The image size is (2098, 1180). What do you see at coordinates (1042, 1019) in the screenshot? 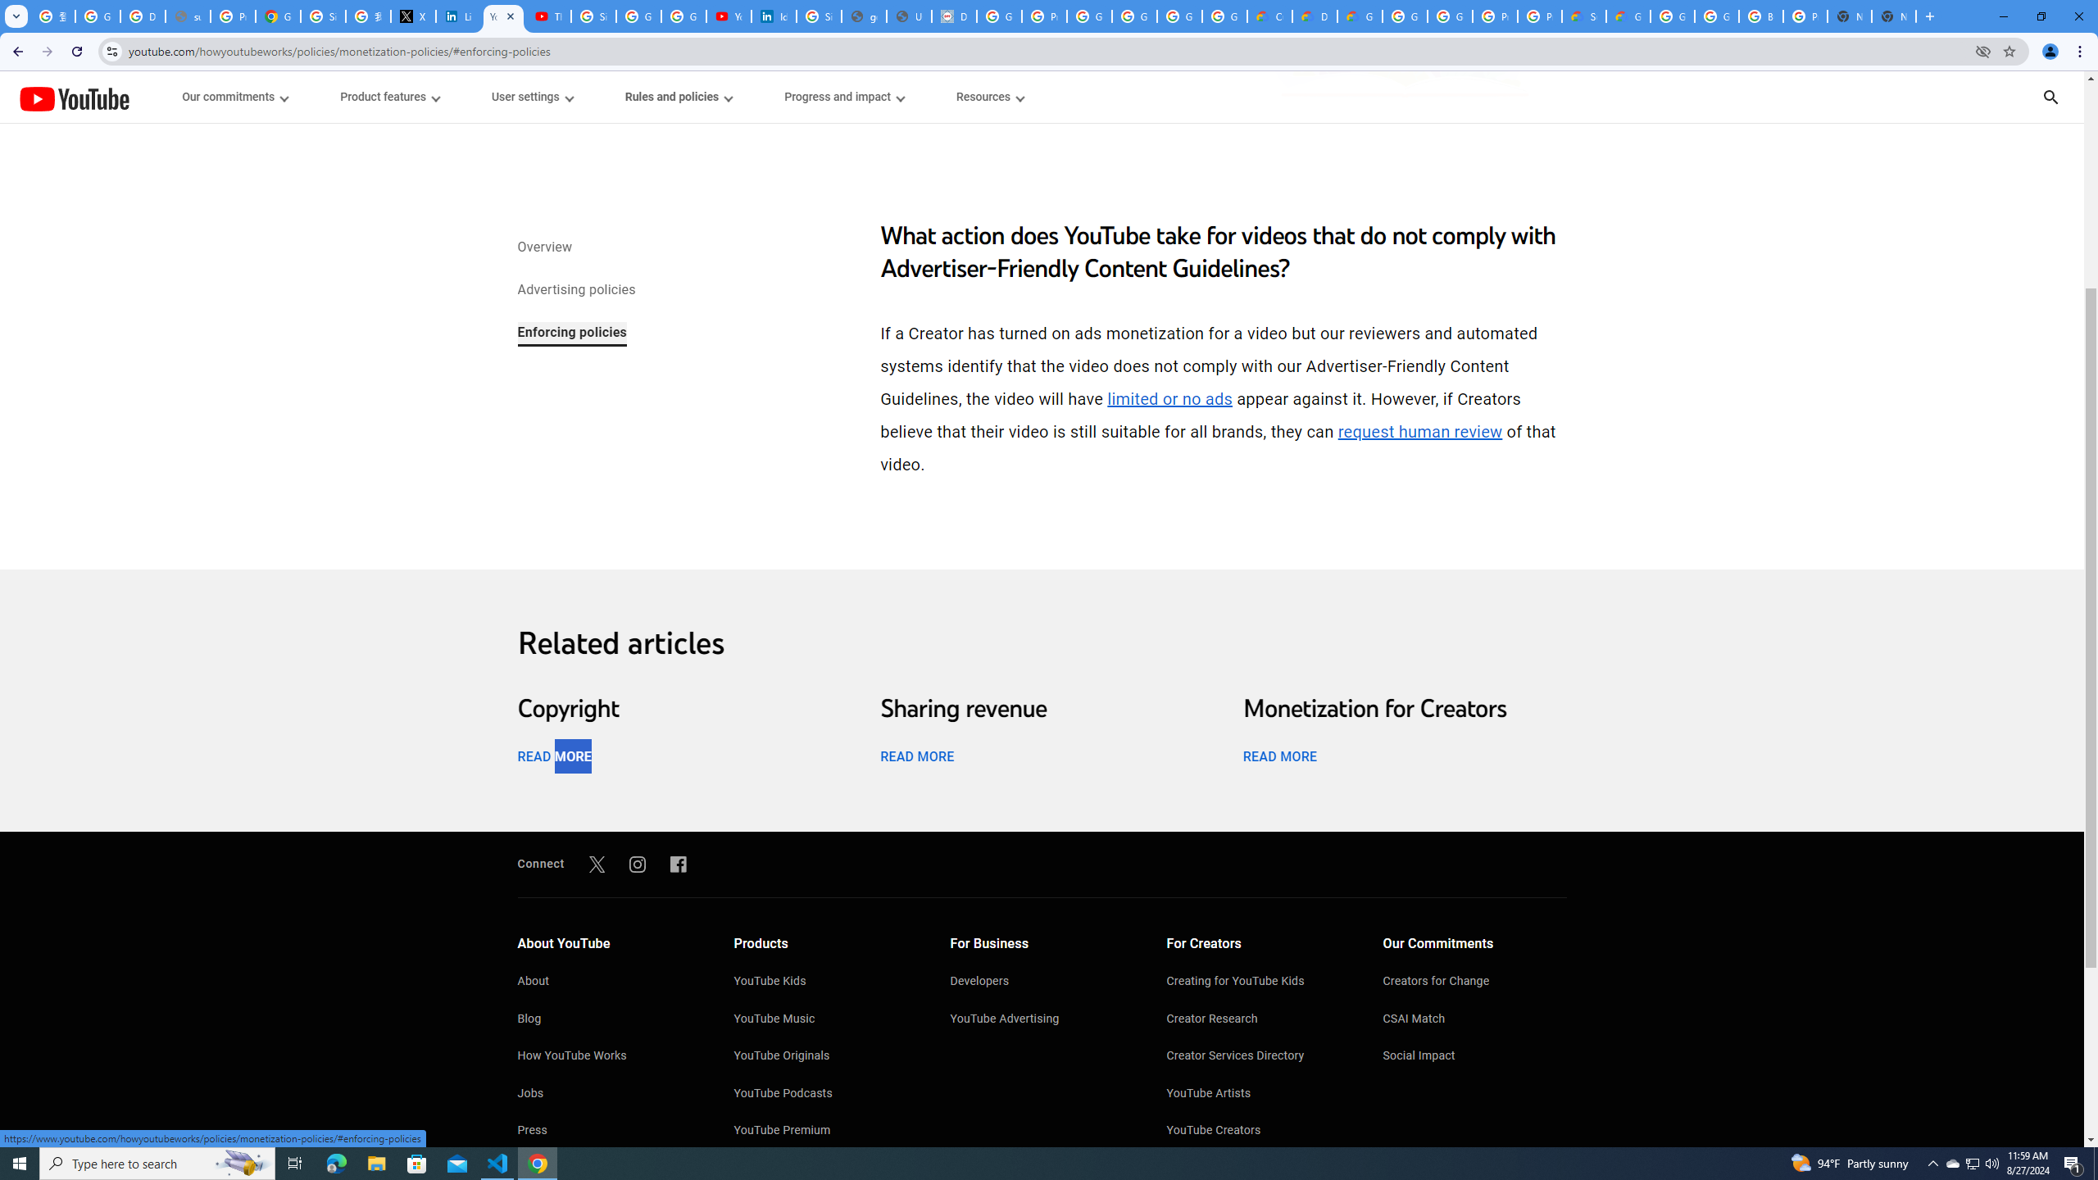
I see `'YouTube Advertising'` at bounding box center [1042, 1019].